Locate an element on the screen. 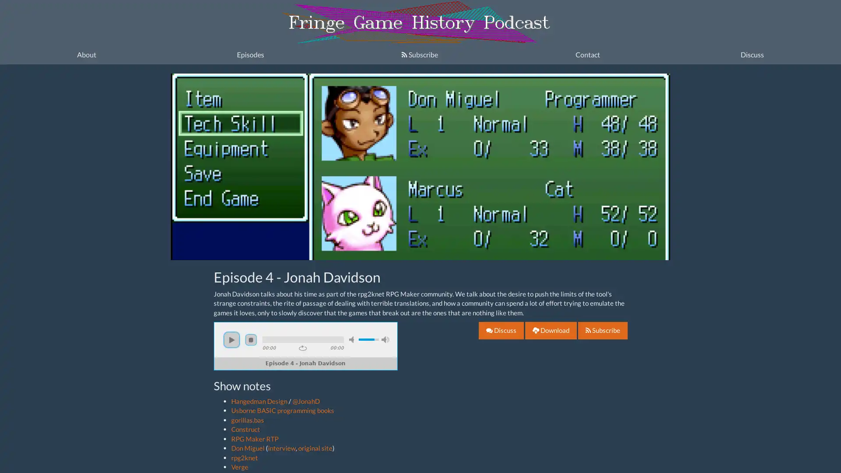  stop is located at coordinates (250, 339).